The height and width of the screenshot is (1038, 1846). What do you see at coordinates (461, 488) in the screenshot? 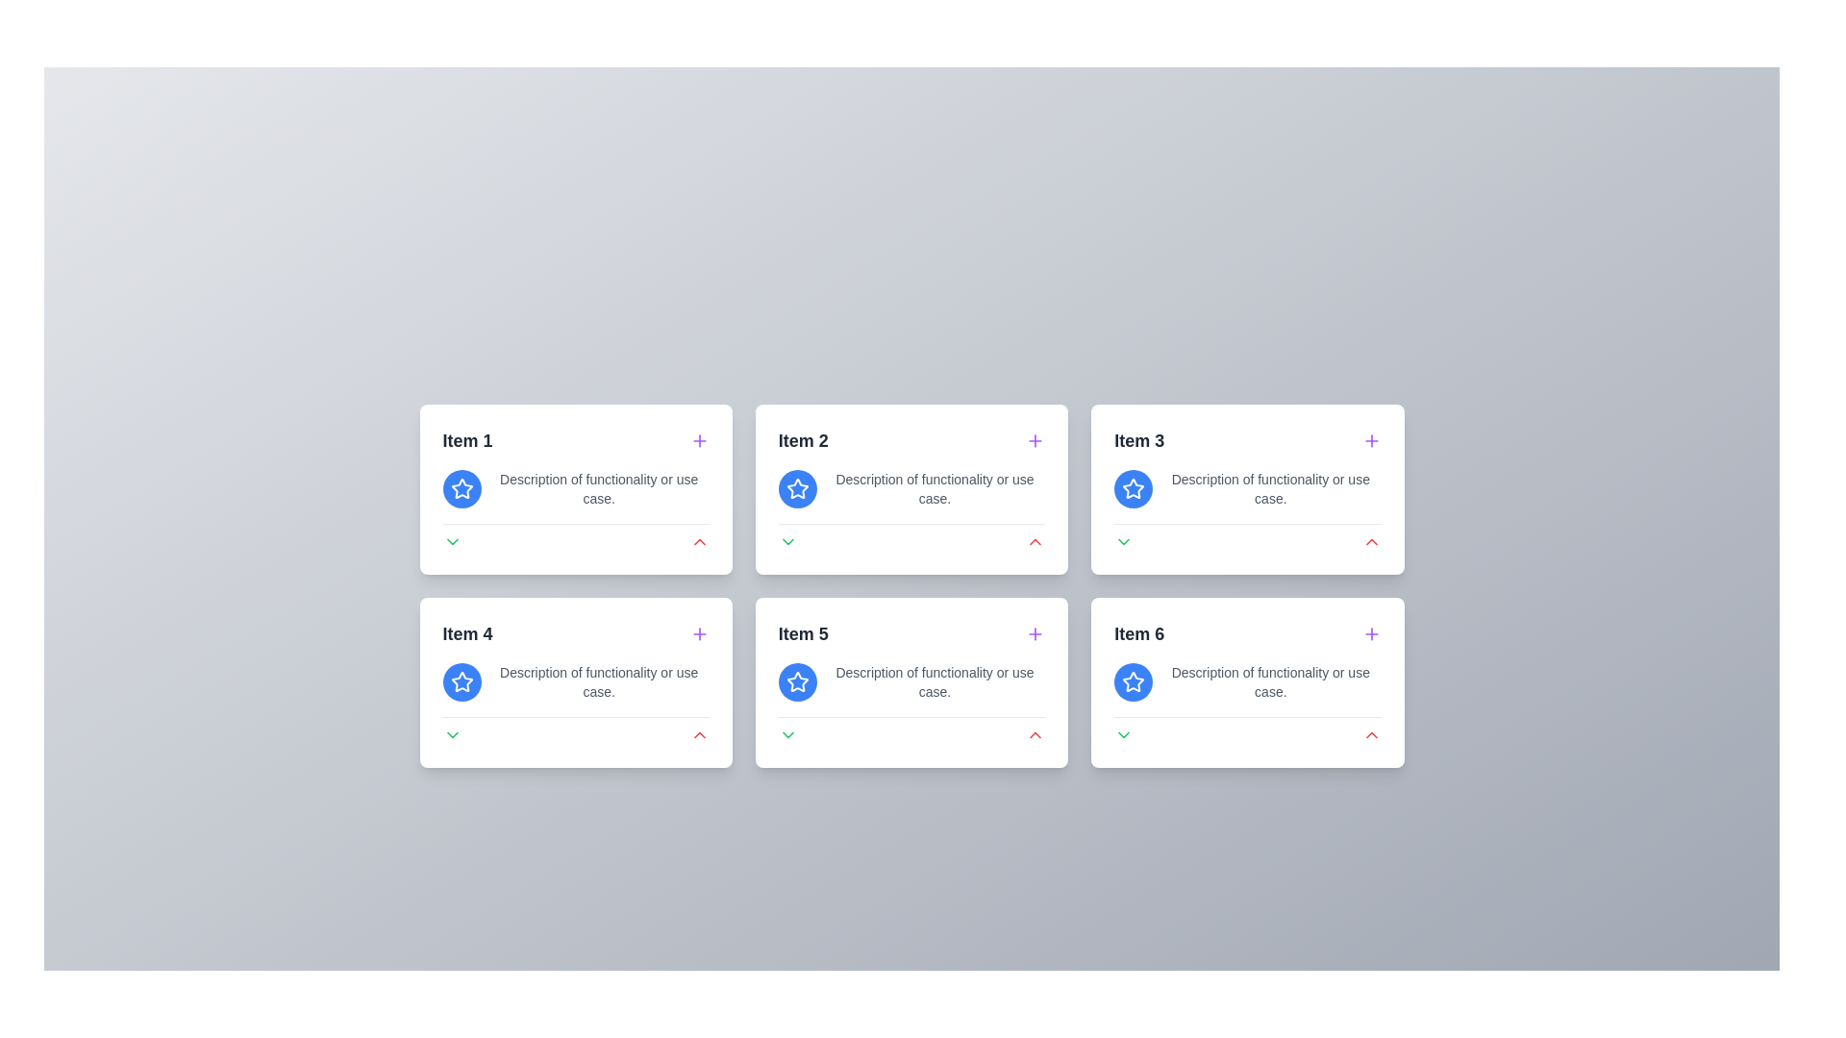
I see `the circular blue icon with a white star symbol located in the upper-left card labeled 'Item 1'` at bounding box center [461, 488].